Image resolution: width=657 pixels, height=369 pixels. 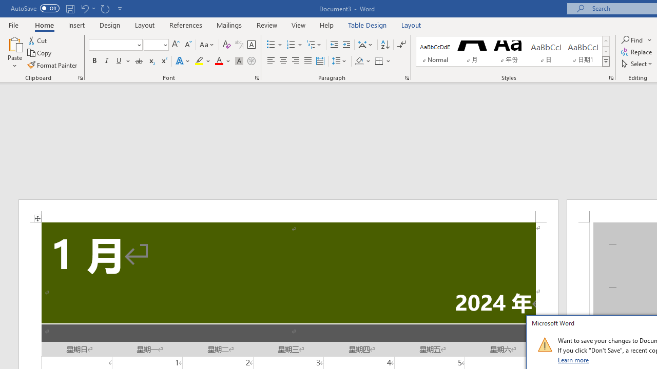 What do you see at coordinates (287, 210) in the screenshot?
I see `'Header -Section 1-'` at bounding box center [287, 210].